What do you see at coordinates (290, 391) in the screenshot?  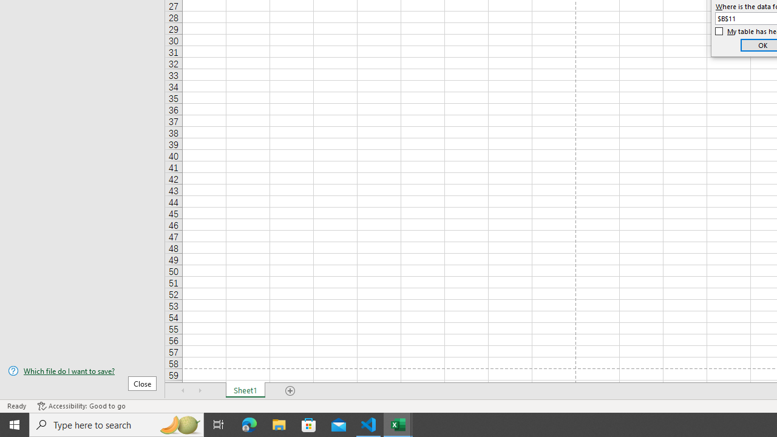 I see `'Add Sheet'` at bounding box center [290, 391].